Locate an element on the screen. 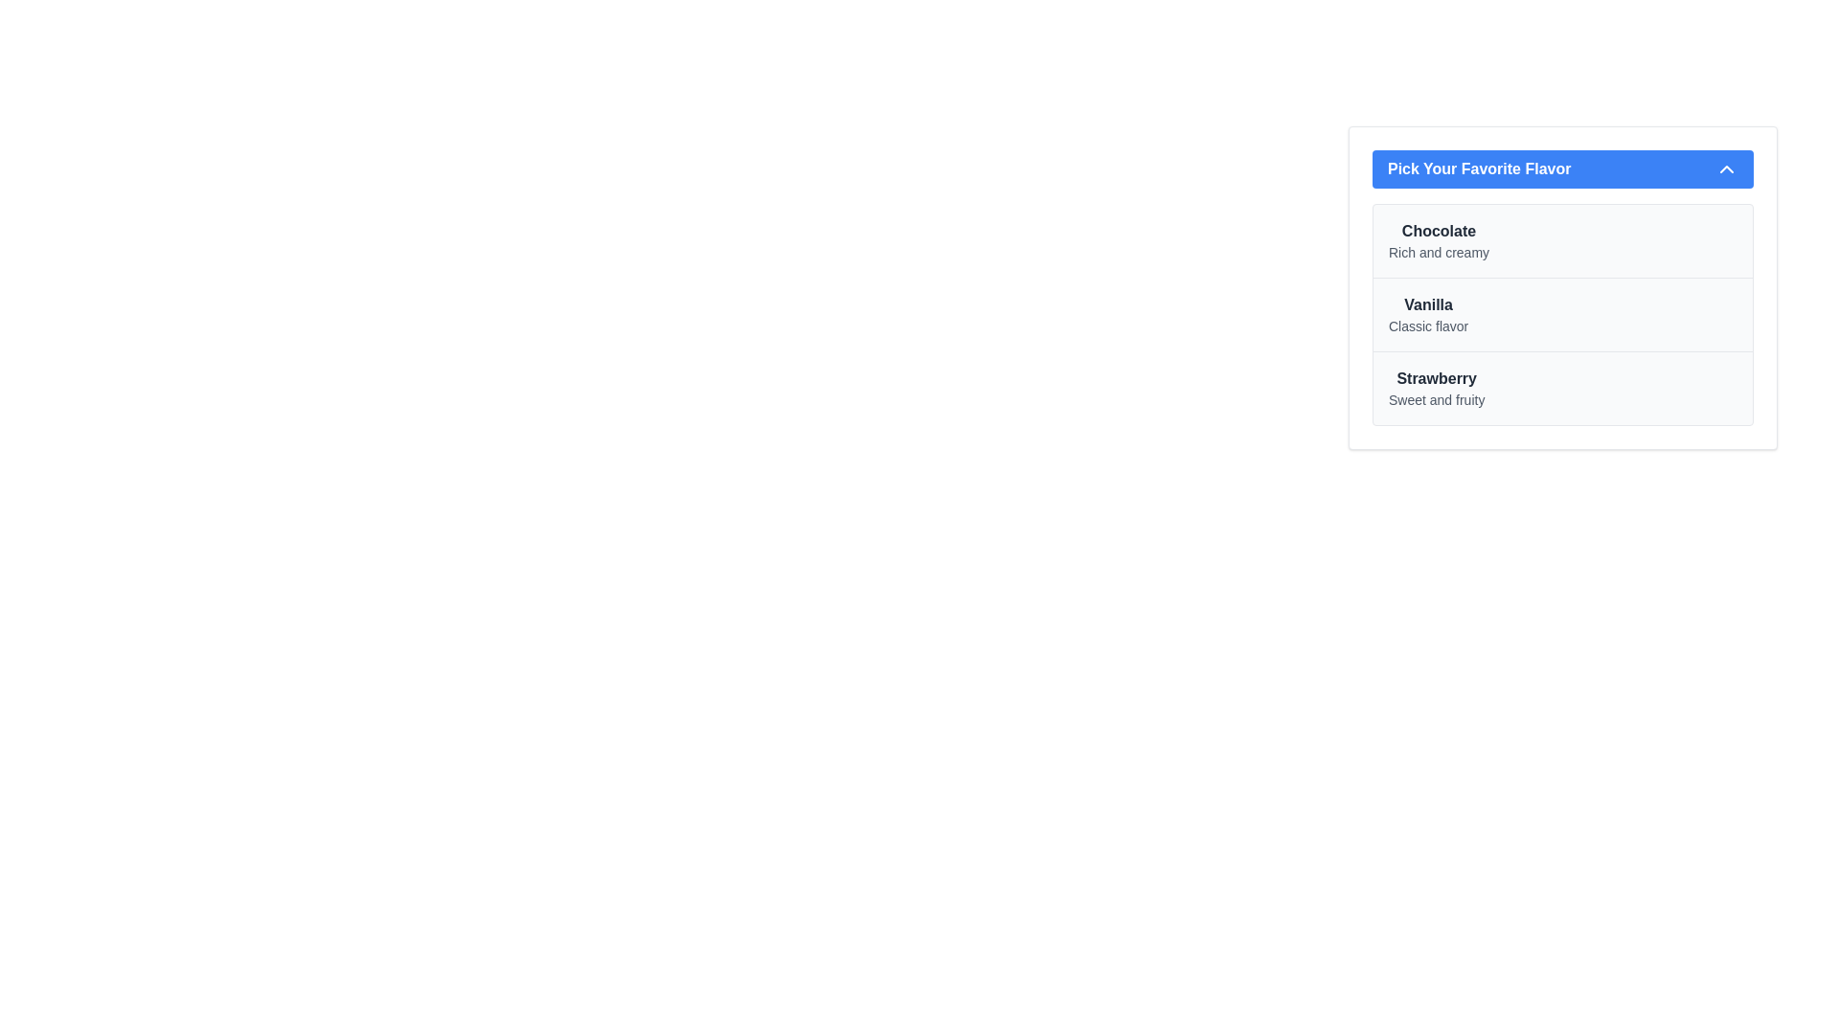 This screenshot has width=1839, height=1034. the third item in the vertical list titled 'Pick Your Favorite Flavor', which displays 'Strawberry' as a flavor option with an accompanying description is located at coordinates (1437, 388).